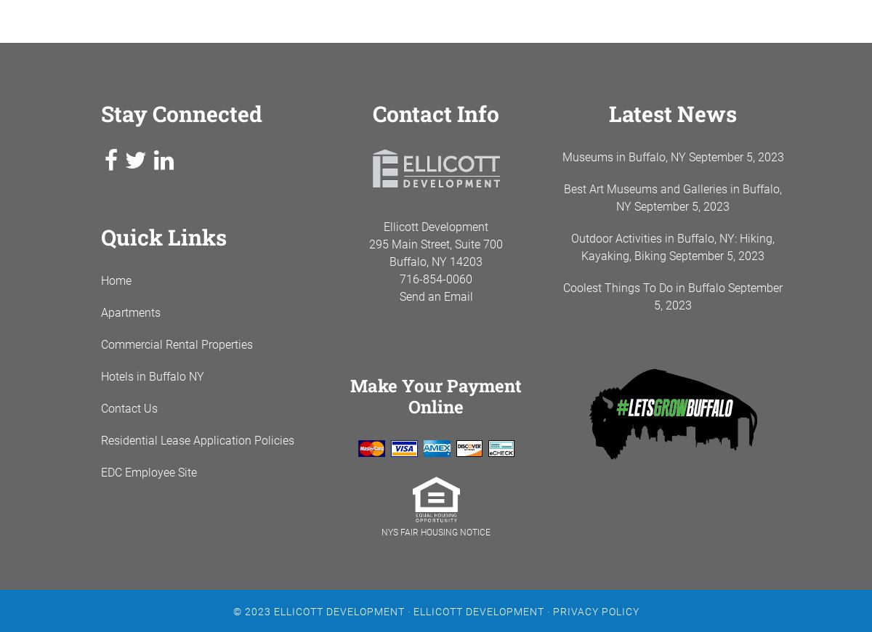  Describe the element at coordinates (436, 244) in the screenshot. I see `'295 Main Street, Suite 700'` at that location.